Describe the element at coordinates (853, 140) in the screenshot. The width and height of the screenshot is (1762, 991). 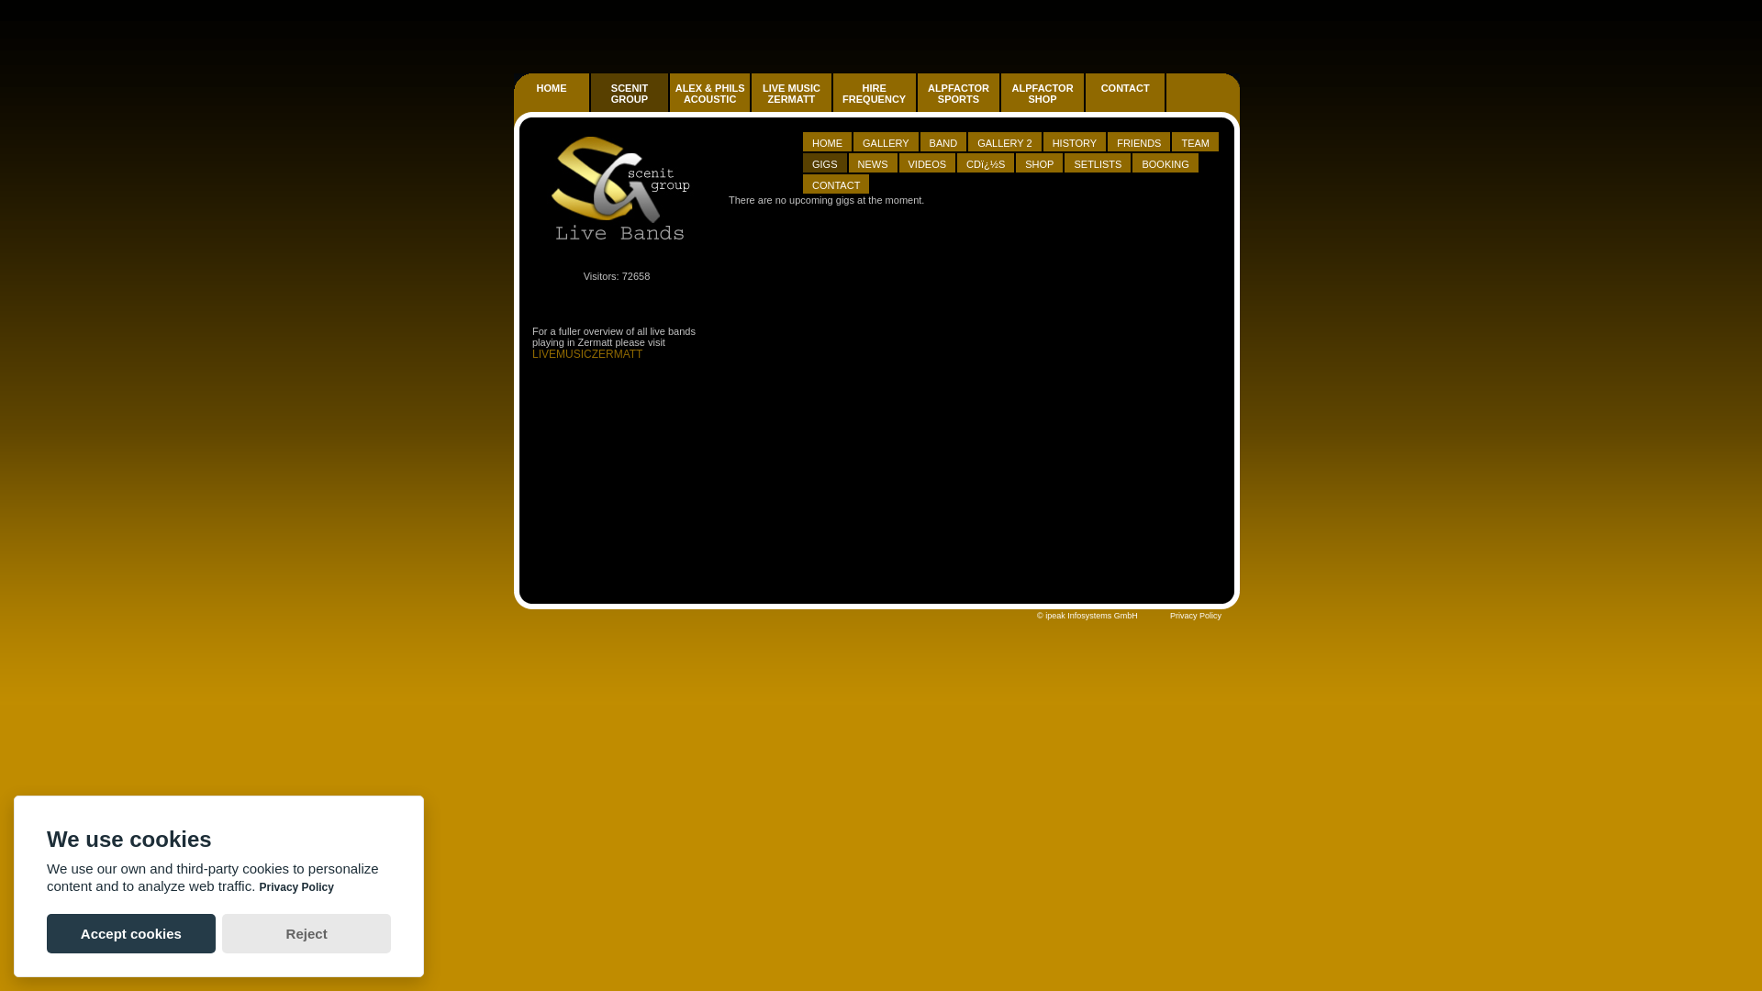
I see `'GALLERY'` at that location.